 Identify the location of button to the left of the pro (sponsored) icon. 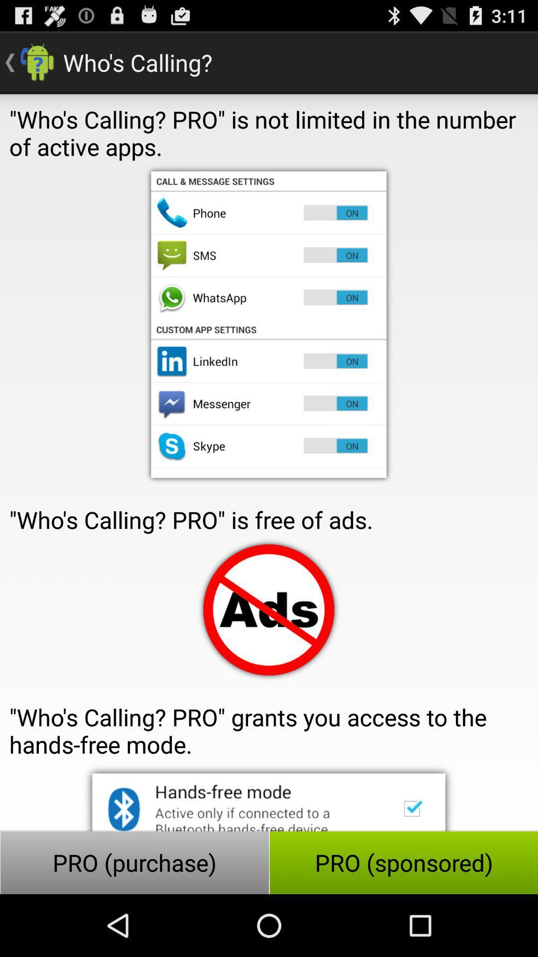
(134, 862).